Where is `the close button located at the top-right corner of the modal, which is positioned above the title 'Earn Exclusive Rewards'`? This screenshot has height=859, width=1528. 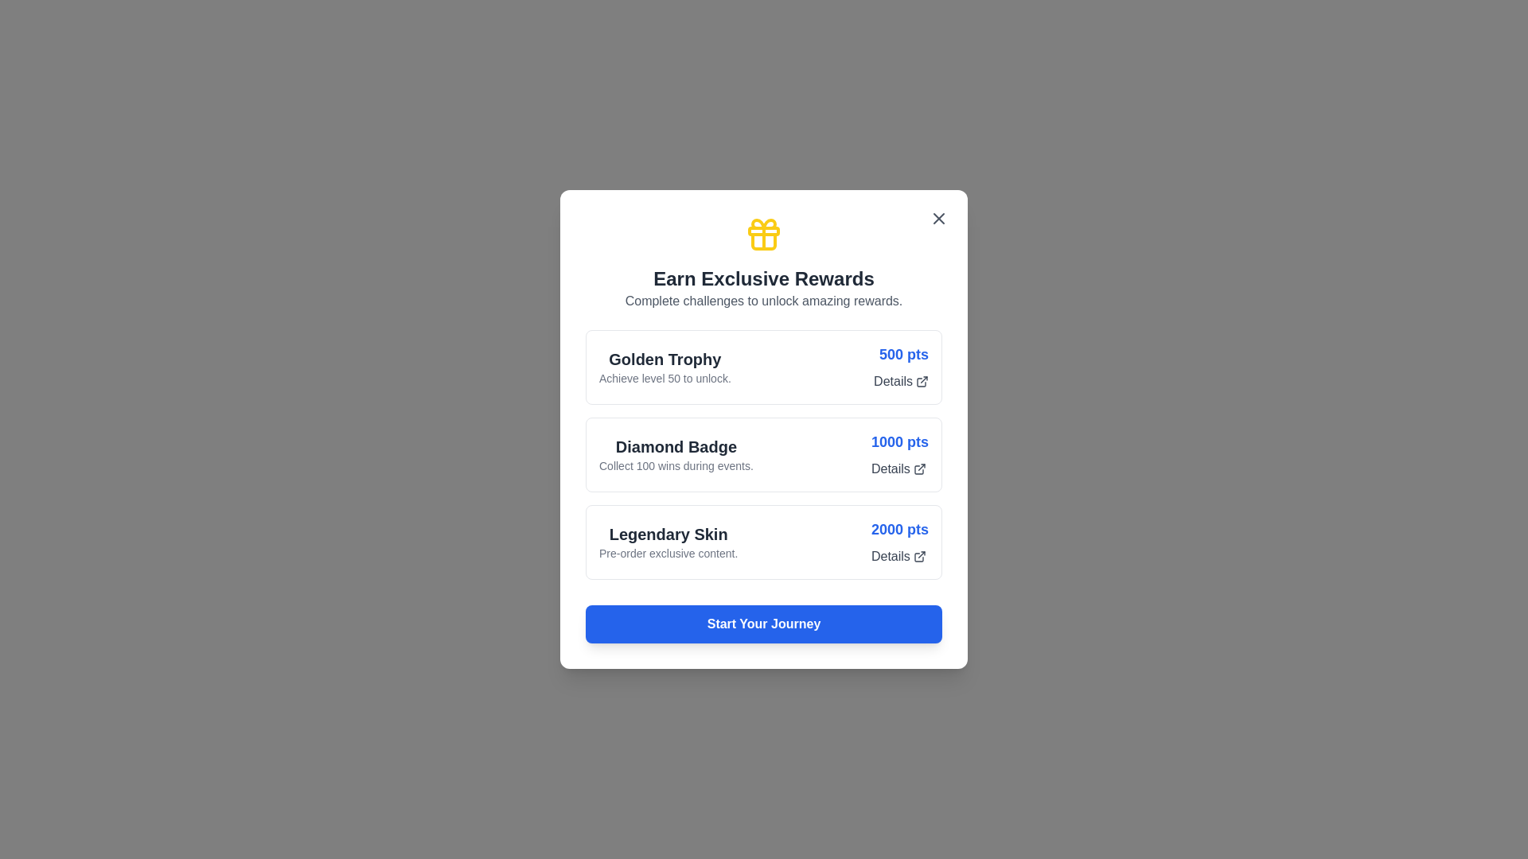 the close button located at the top-right corner of the modal, which is positioned above the title 'Earn Exclusive Rewards' is located at coordinates (939, 218).